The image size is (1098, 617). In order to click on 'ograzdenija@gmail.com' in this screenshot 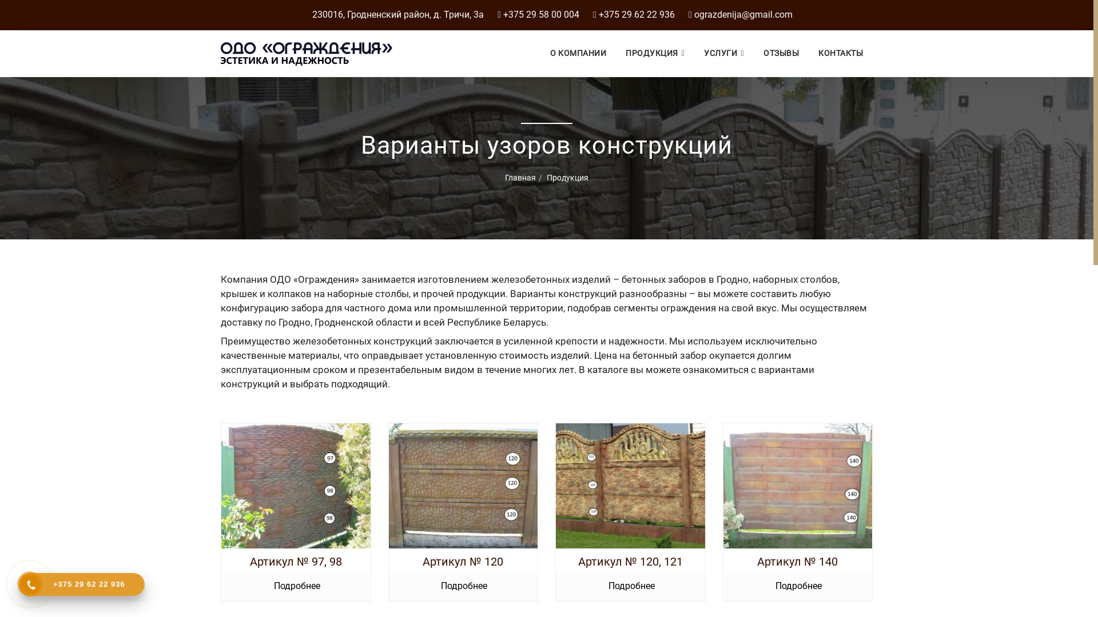, I will do `click(694, 14)`.